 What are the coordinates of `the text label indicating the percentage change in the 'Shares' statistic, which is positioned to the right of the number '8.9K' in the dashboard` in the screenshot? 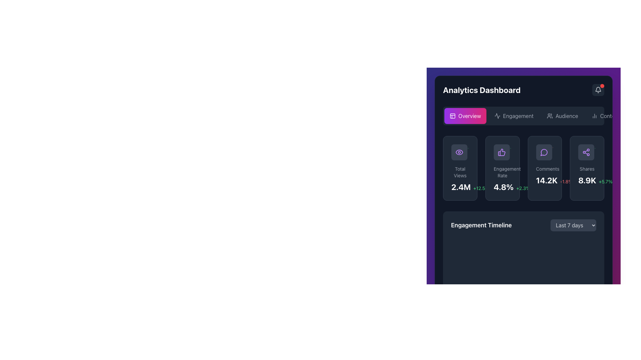 It's located at (606, 181).